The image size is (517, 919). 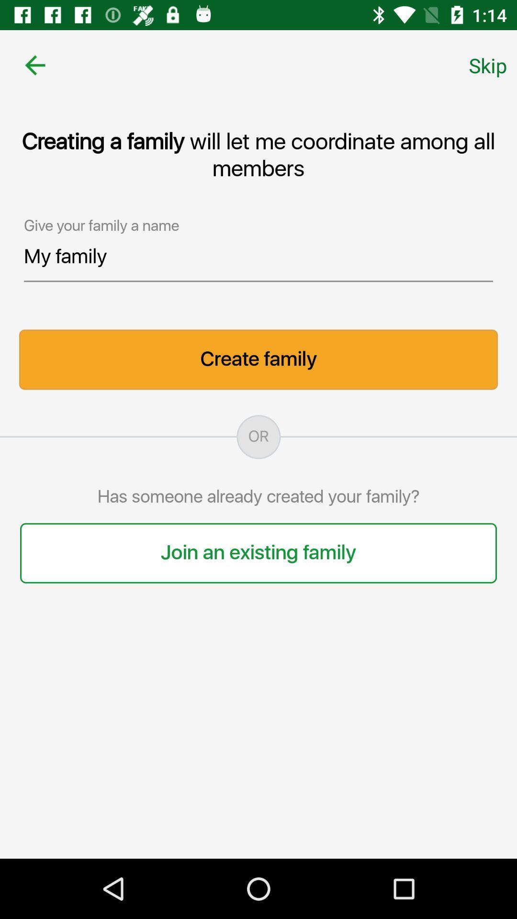 I want to click on previous screen, so click(x=34, y=65).